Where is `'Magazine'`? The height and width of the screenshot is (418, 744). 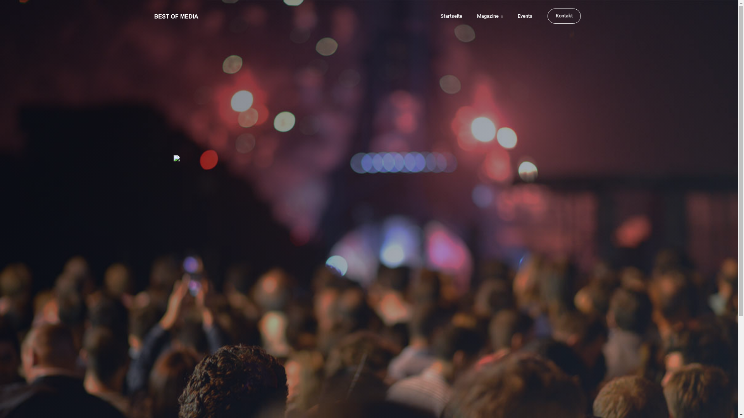
'Magazine' is located at coordinates (472, 16).